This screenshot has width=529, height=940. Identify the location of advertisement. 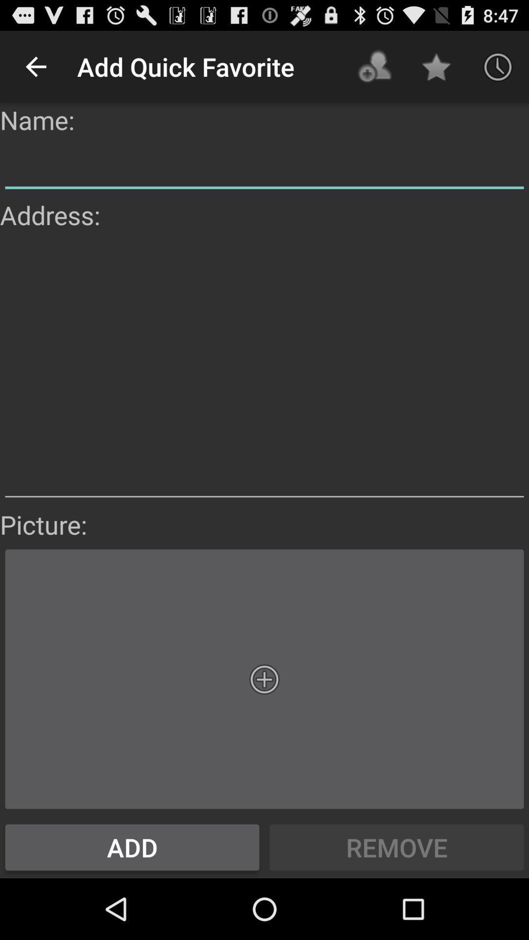
(264, 369).